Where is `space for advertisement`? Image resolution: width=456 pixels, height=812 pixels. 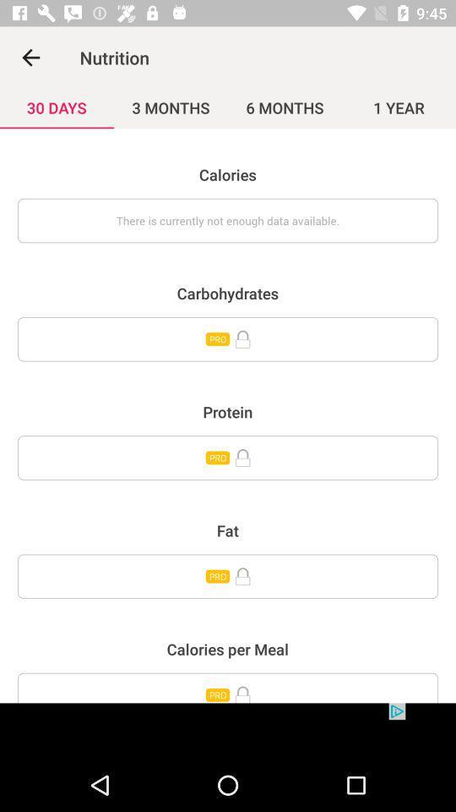
space for advertisement is located at coordinates (228, 730).